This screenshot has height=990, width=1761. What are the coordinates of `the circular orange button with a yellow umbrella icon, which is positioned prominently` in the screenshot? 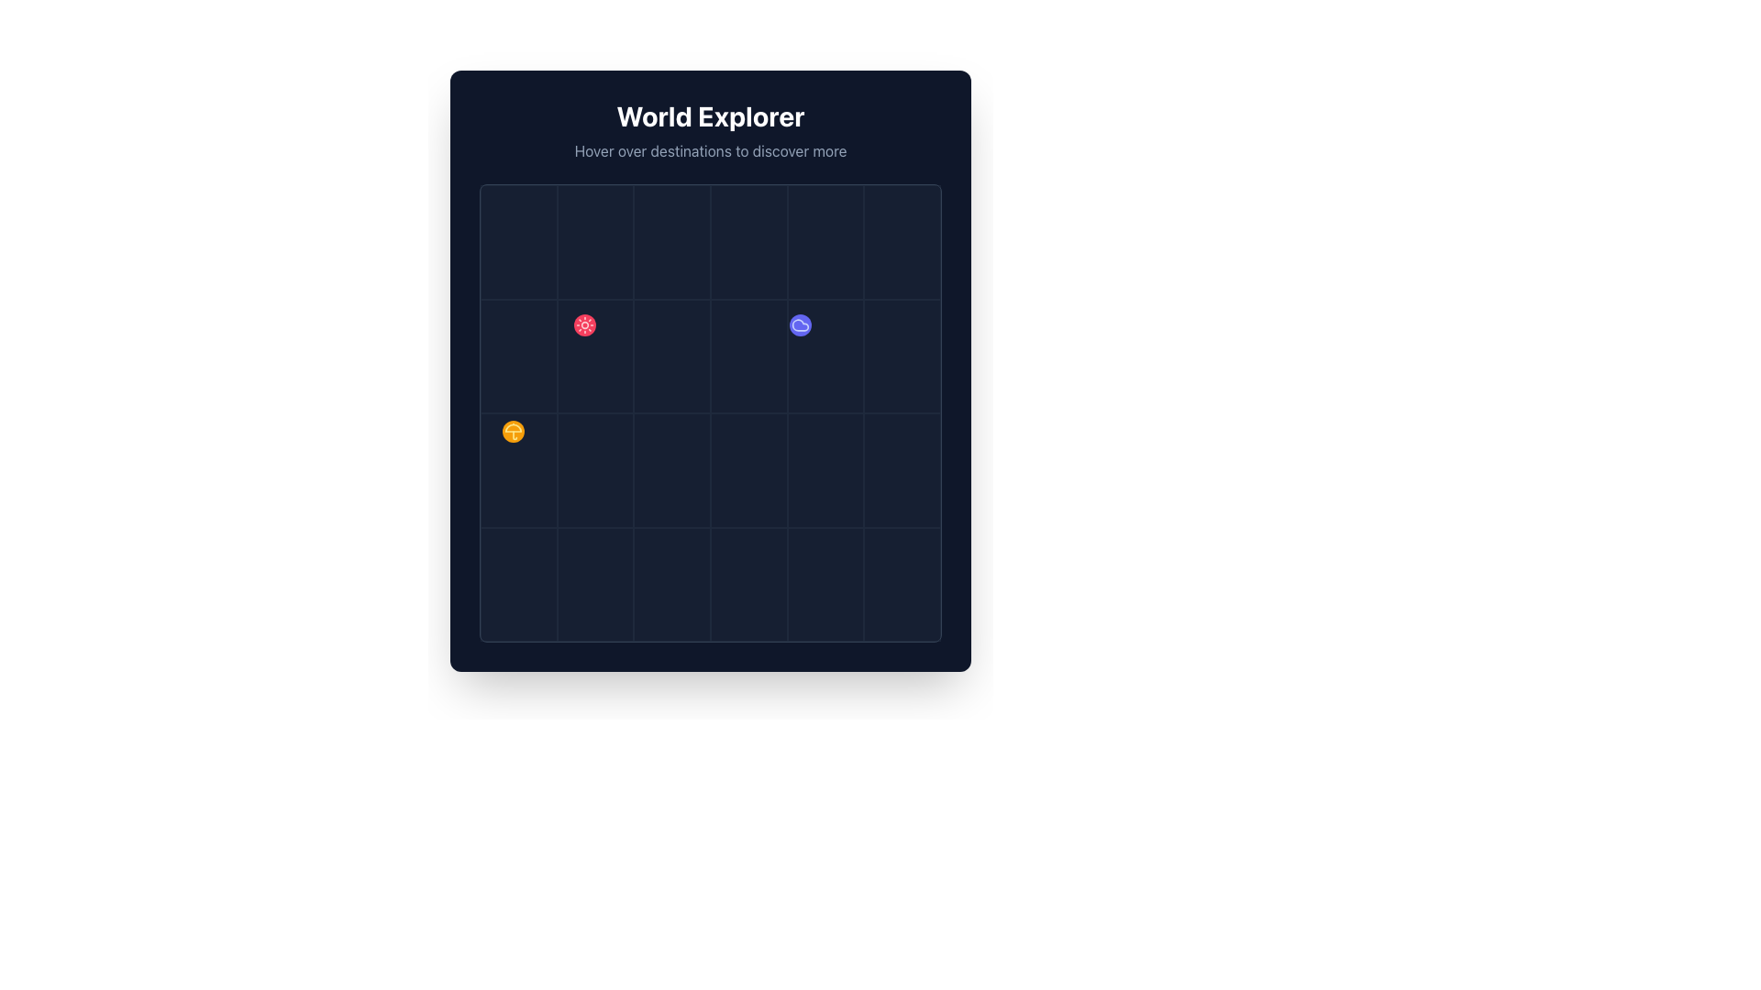 It's located at (514, 431).